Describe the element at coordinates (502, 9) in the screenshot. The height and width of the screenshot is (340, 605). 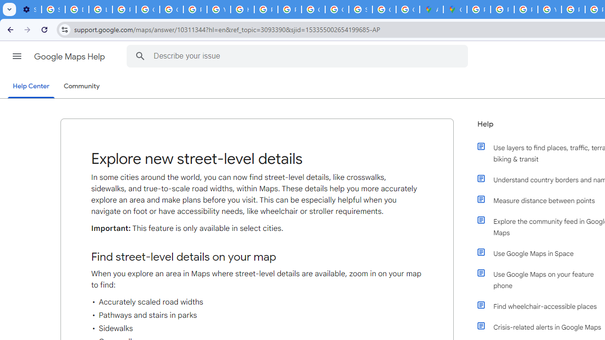
I see `'Privacy Help Center - Policies Help'` at that location.